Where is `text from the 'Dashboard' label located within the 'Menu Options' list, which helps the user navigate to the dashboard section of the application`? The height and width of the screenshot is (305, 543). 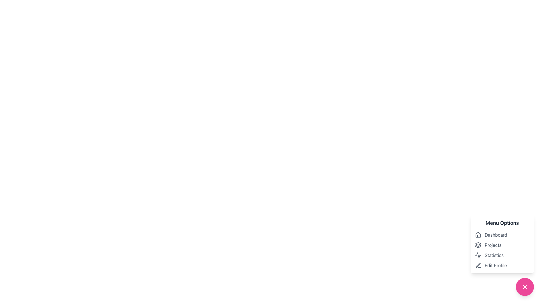
text from the 'Dashboard' label located within the 'Menu Options' list, which helps the user navigate to the dashboard section of the application is located at coordinates (495, 235).